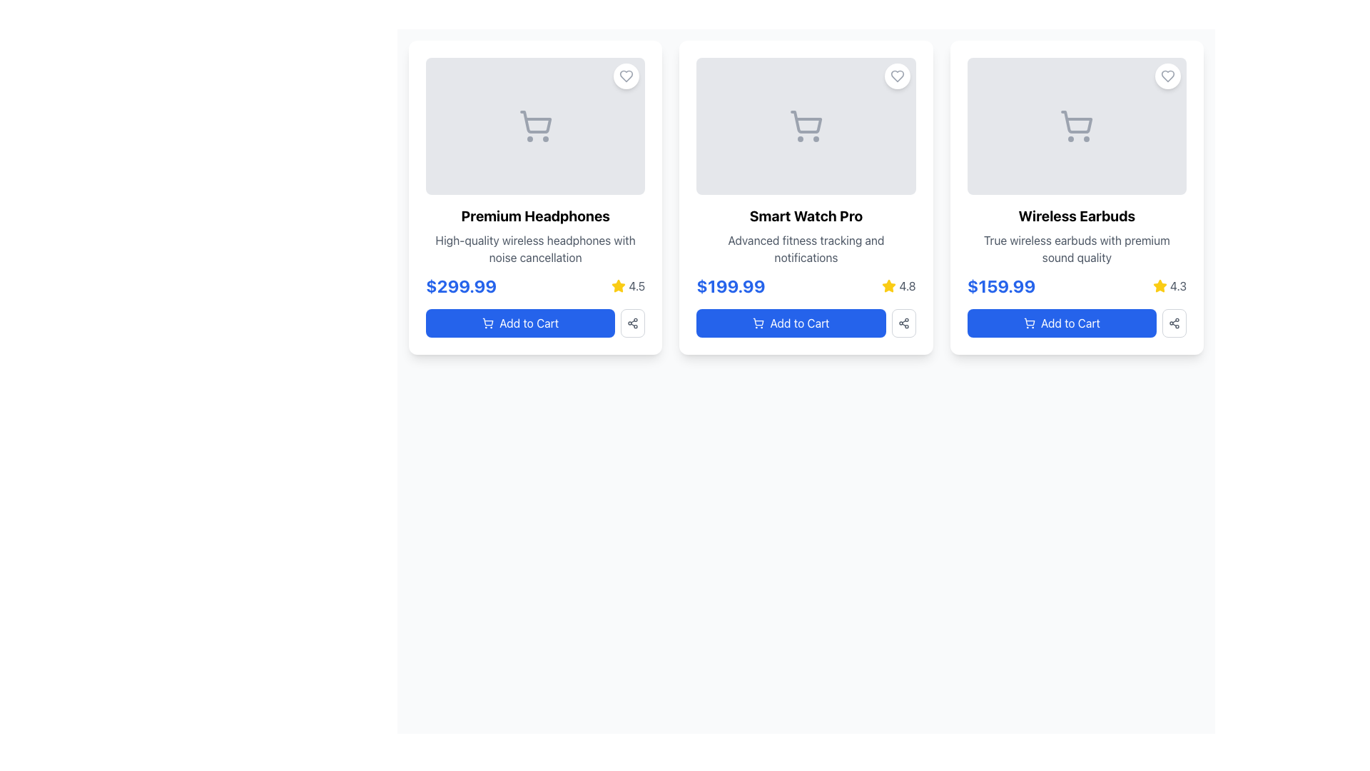 This screenshot has height=771, width=1370. Describe the element at coordinates (1178, 286) in the screenshot. I see `the gray-colored text displaying the rating value '4.3' located to the right of the yellow star icon within the product card for 'Wireless Earbuds'` at that location.